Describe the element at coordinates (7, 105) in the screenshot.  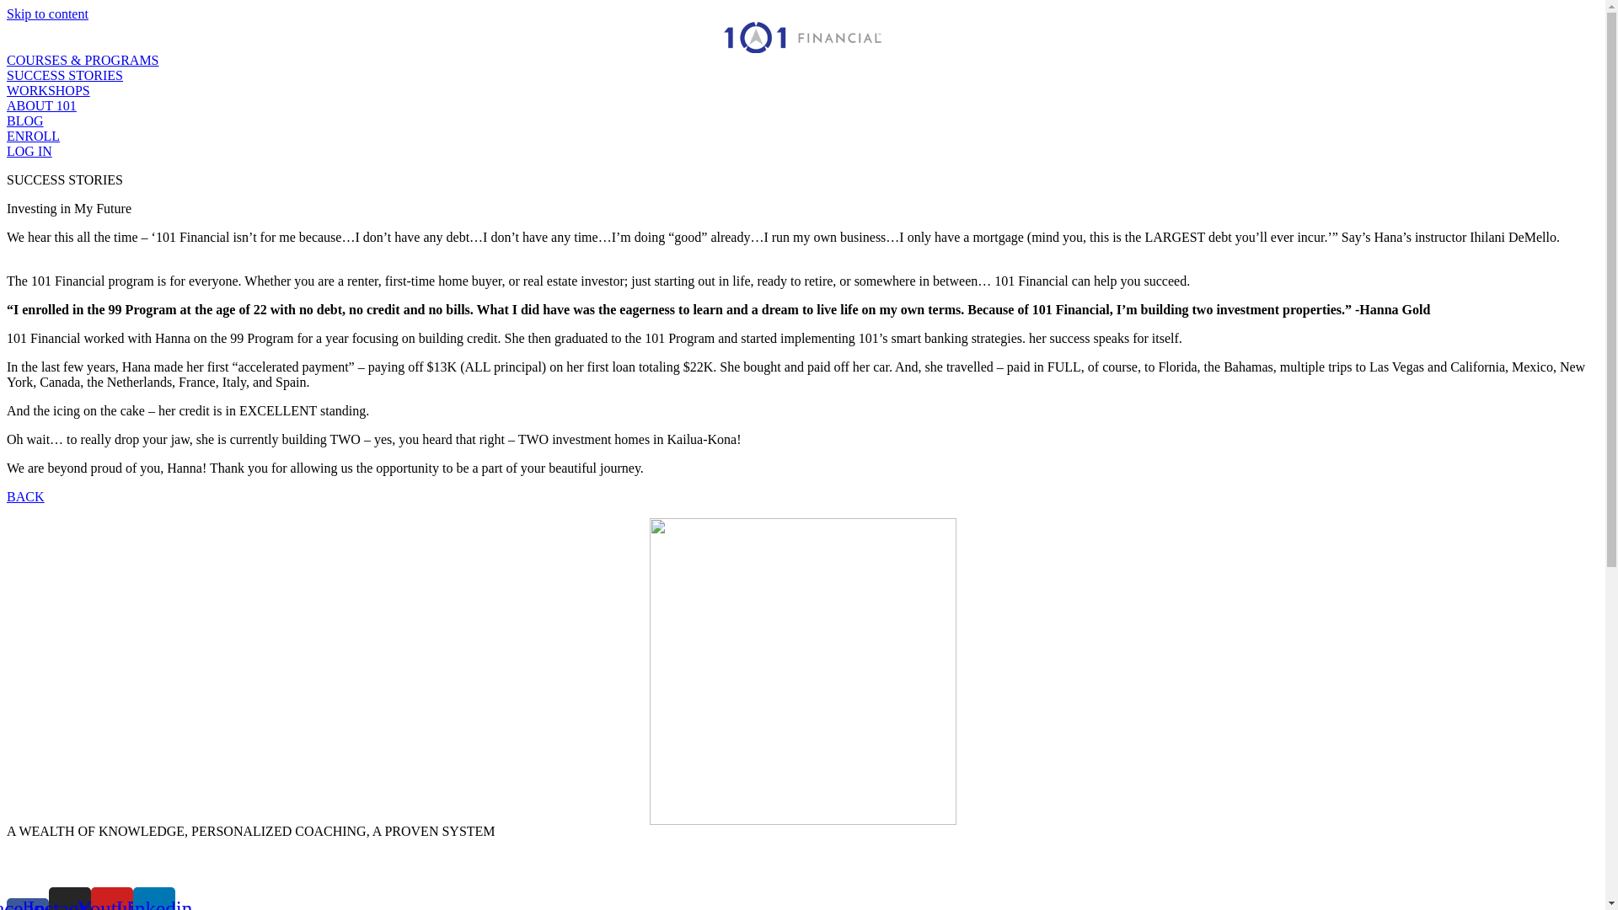
I see `'ABOUT 101'` at that location.